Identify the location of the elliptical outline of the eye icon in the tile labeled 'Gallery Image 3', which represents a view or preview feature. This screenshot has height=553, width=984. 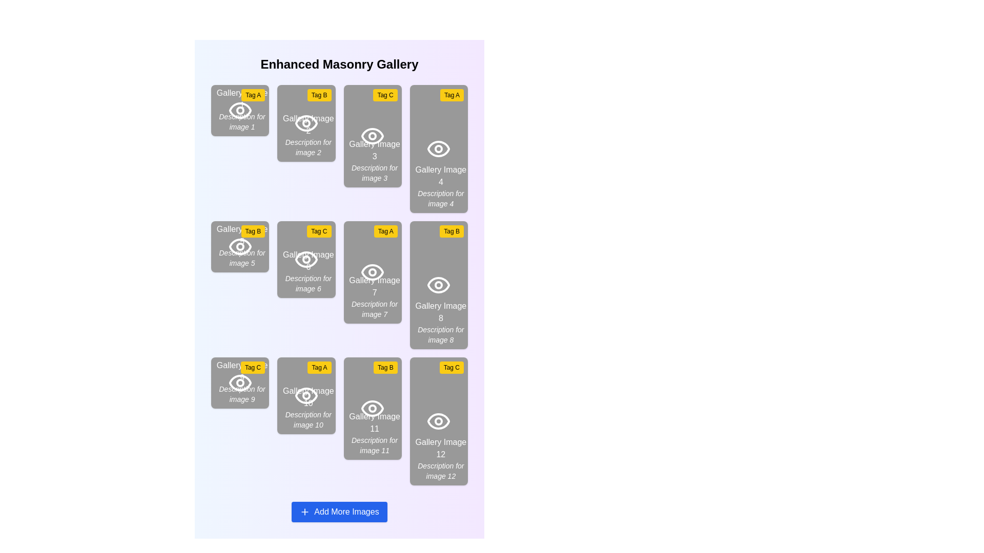
(372, 136).